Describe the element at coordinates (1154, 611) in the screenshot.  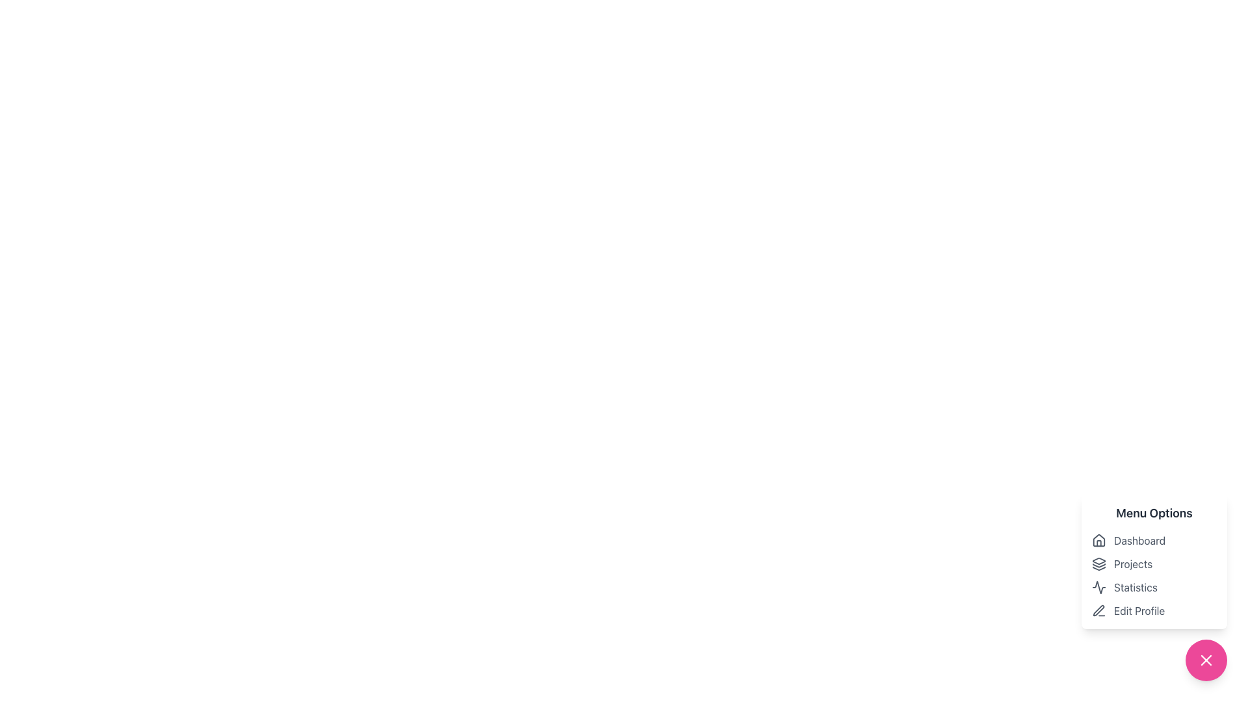
I see `the 'Edit Profile' menu item, which is the fourth item in the vertical stack of menu options` at that location.